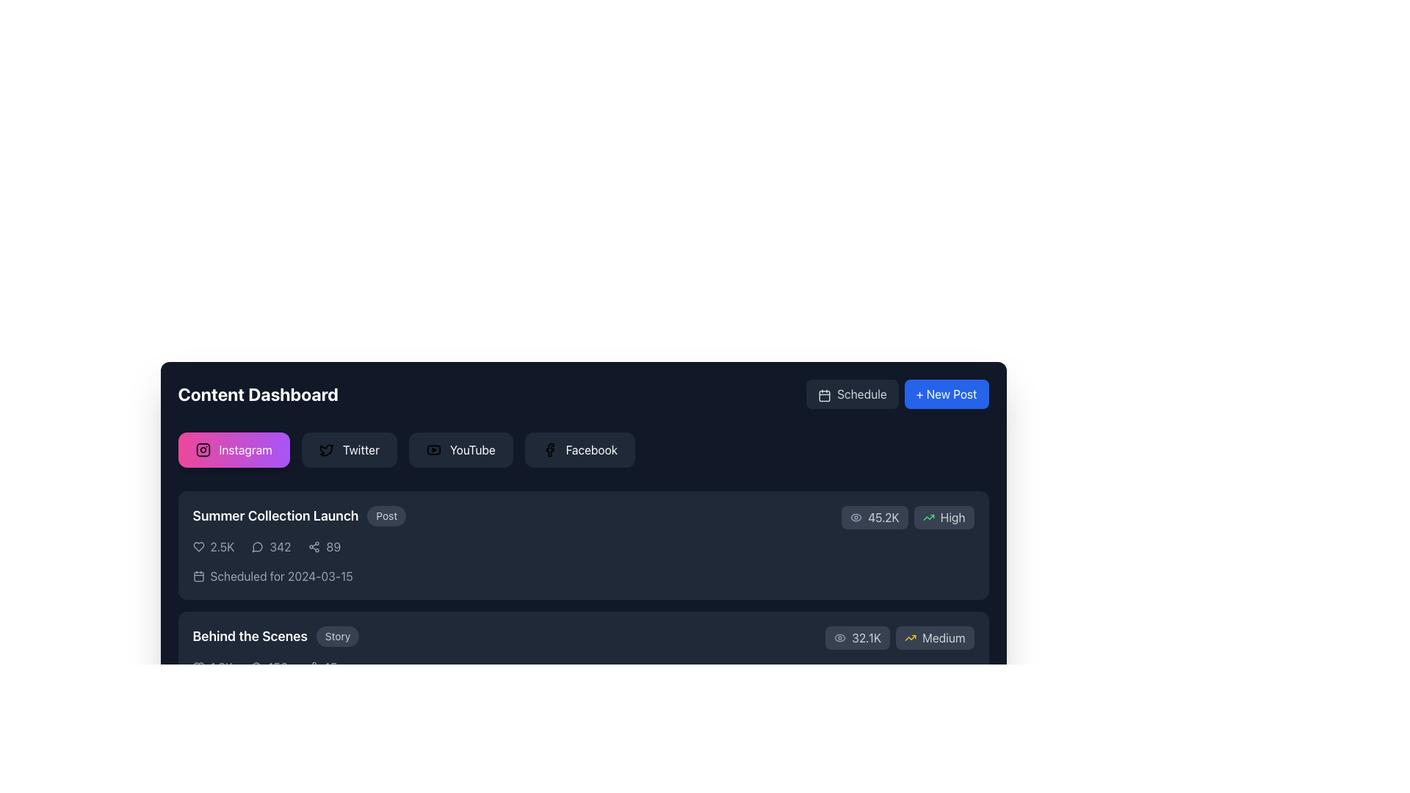 The height and width of the screenshot is (793, 1410). I want to click on the Twitter icon/button located on the top bar of the interface, which is the second icon from the left, so click(325, 449).